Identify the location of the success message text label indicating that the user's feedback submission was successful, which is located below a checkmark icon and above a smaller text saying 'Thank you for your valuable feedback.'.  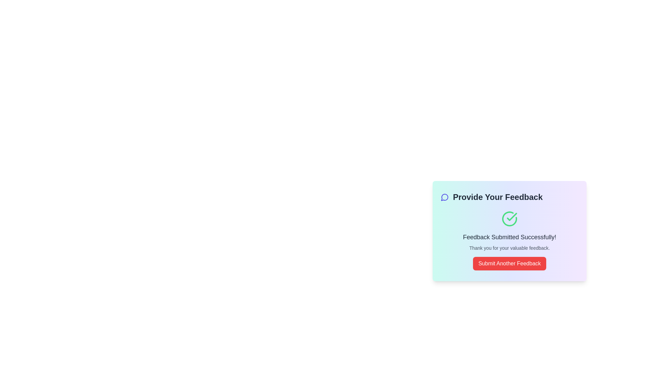
(509, 237).